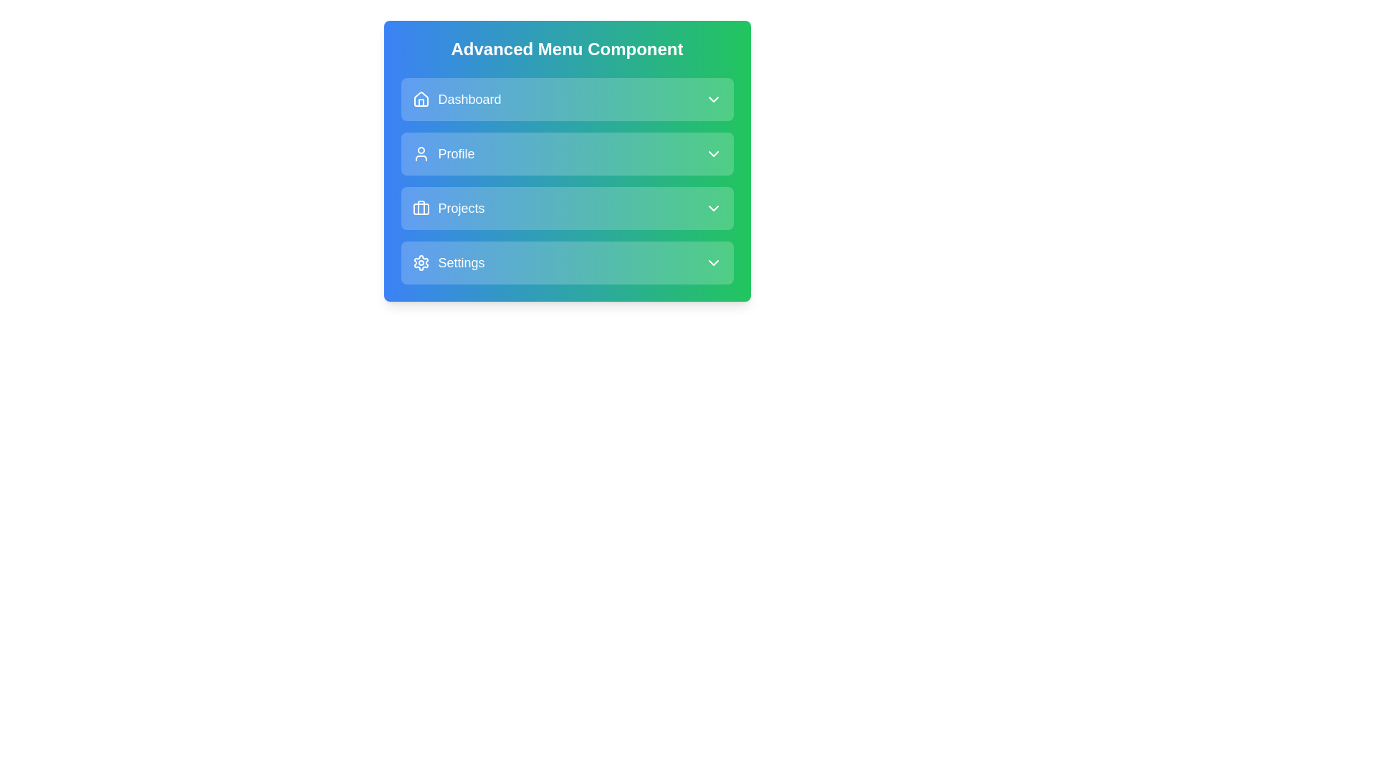 The height and width of the screenshot is (774, 1376). I want to click on the stylized briefcase icon in the navigation menu, so click(420, 208).